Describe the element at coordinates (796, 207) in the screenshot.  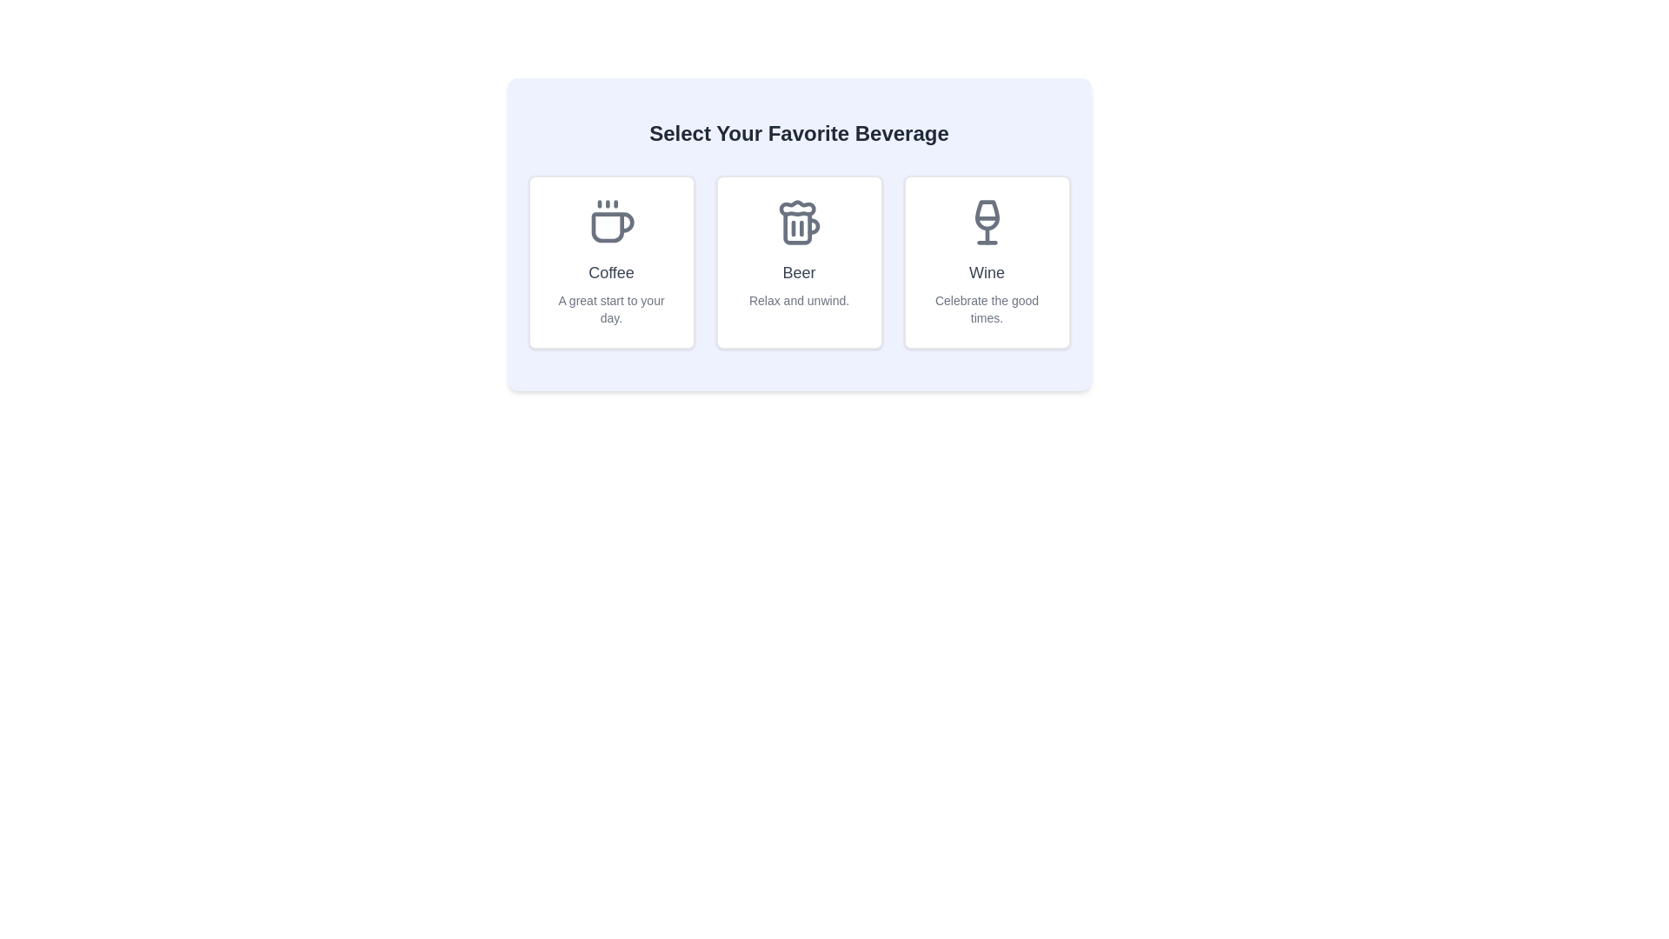
I see `the decorative foam area of the beer mug icon located in the center card of the interface` at that location.